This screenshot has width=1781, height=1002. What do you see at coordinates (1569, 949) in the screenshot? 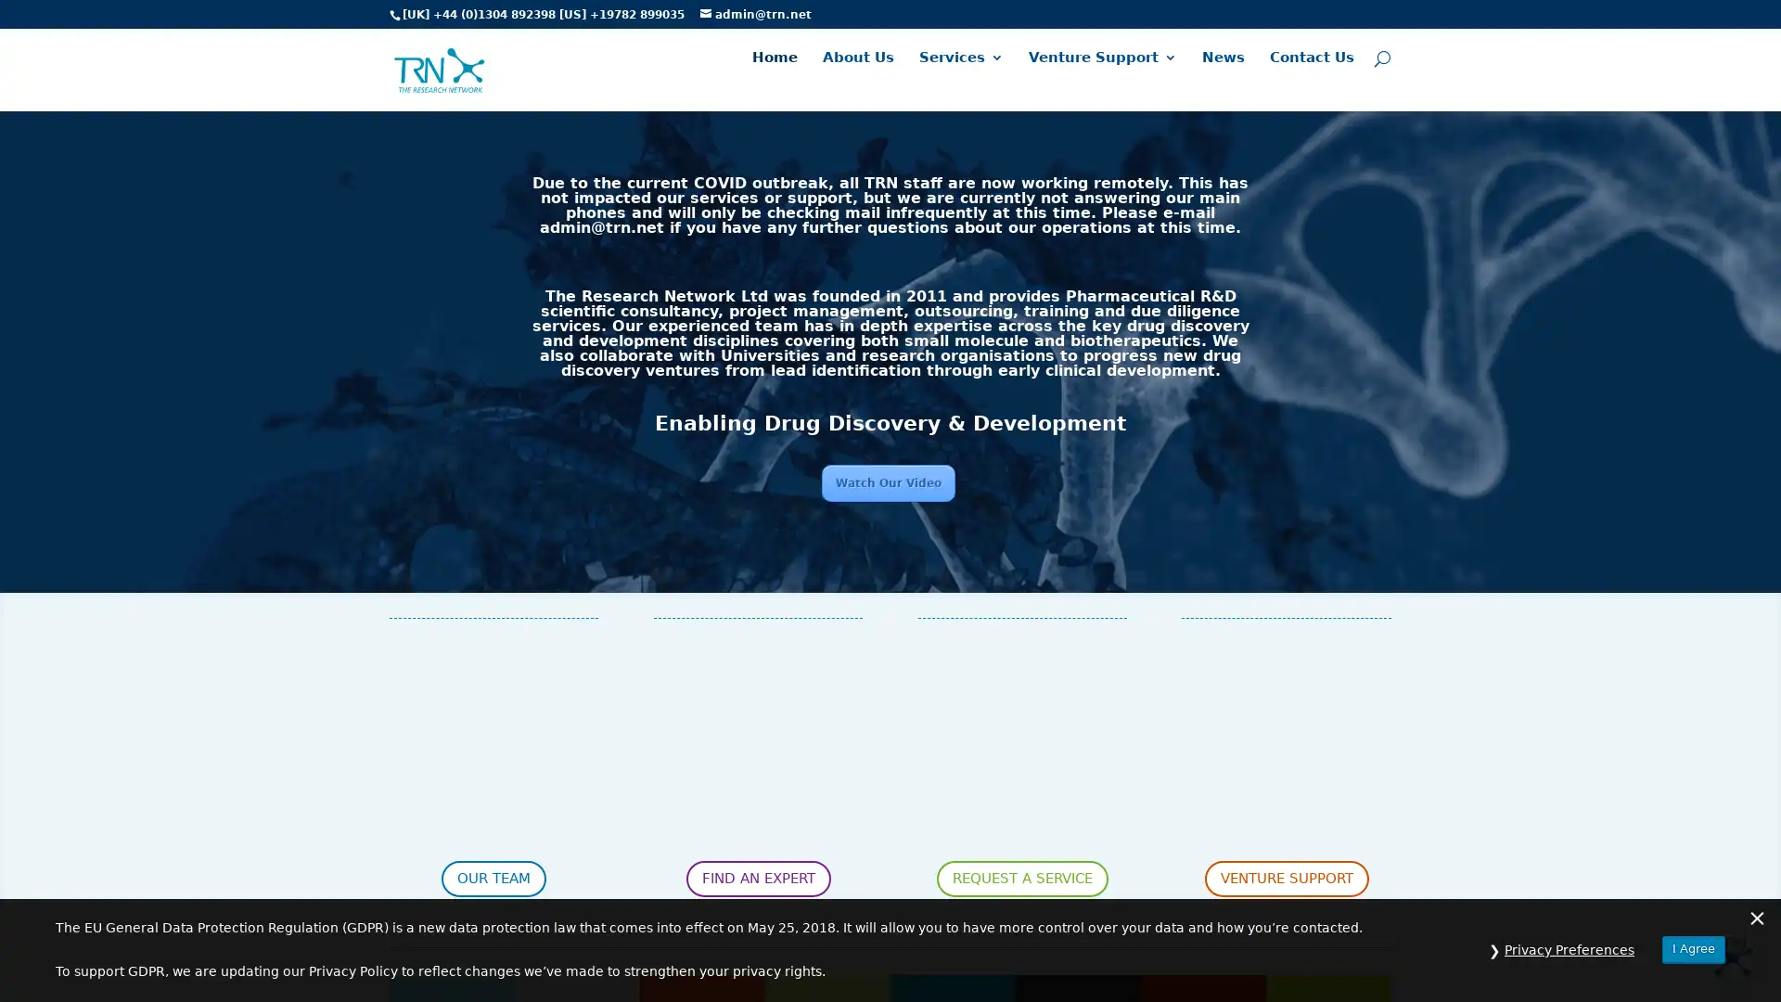
I see `Privacy Preferences` at bounding box center [1569, 949].